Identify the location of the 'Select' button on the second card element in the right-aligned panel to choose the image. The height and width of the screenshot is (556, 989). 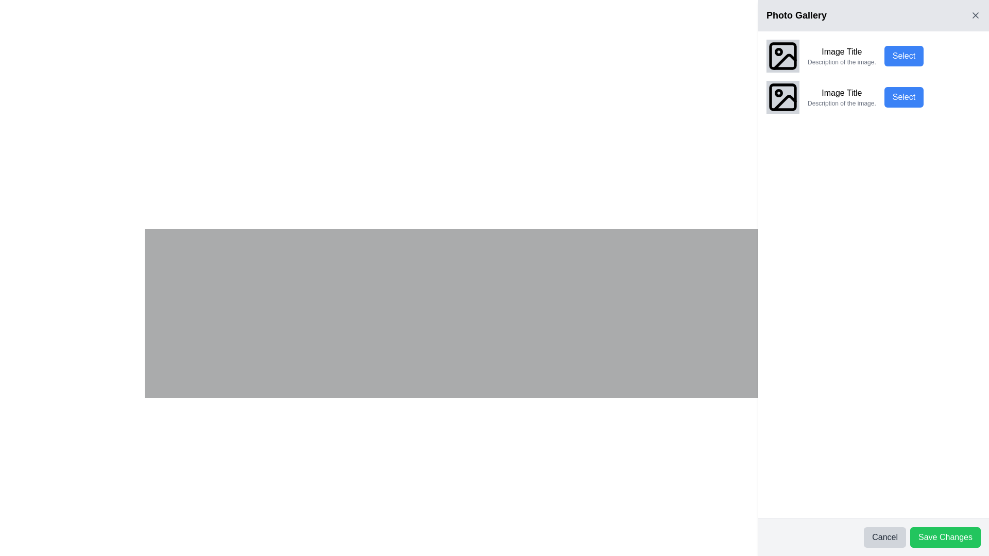
(873, 97).